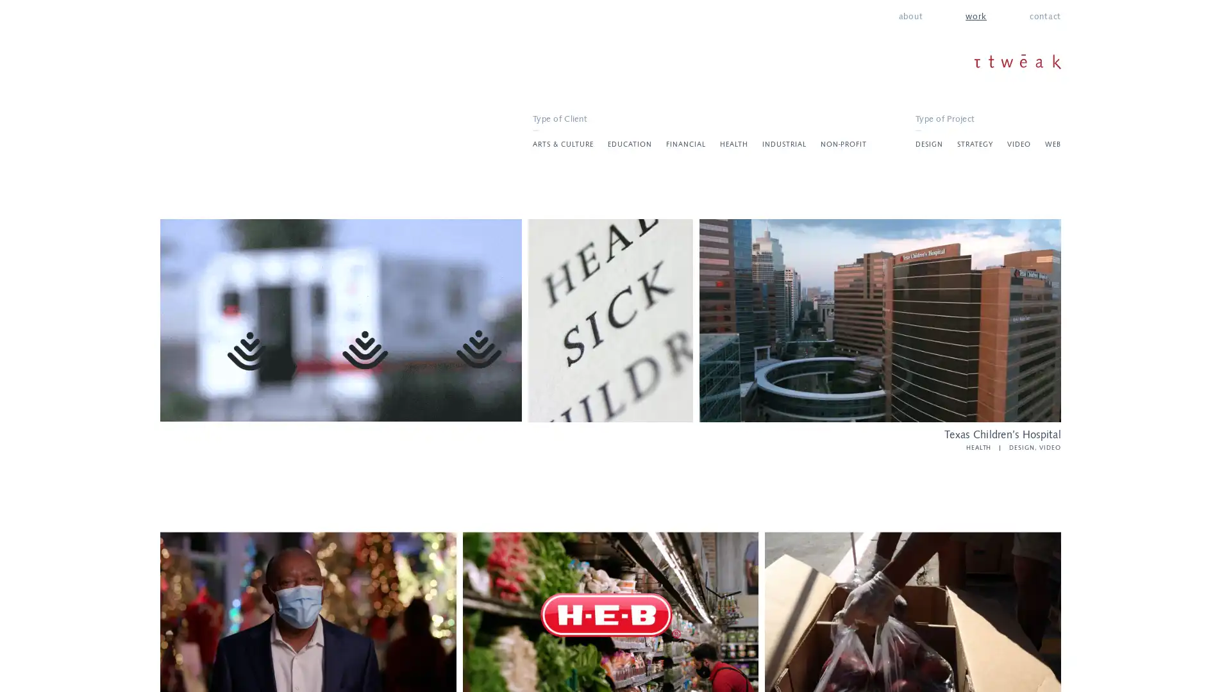 The image size is (1231, 692). Describe the element at coordinates (843, 144) in the screenshot. I see `NON-PROFIT` at that location.